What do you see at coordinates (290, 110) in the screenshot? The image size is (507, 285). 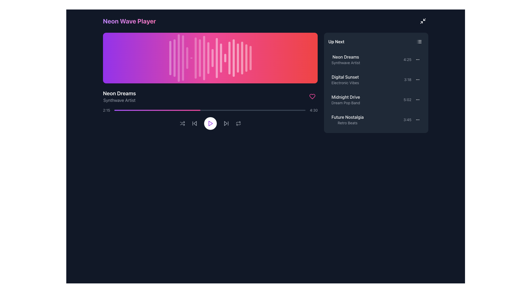 I see `the media progress` at bounding box center [290, 110].